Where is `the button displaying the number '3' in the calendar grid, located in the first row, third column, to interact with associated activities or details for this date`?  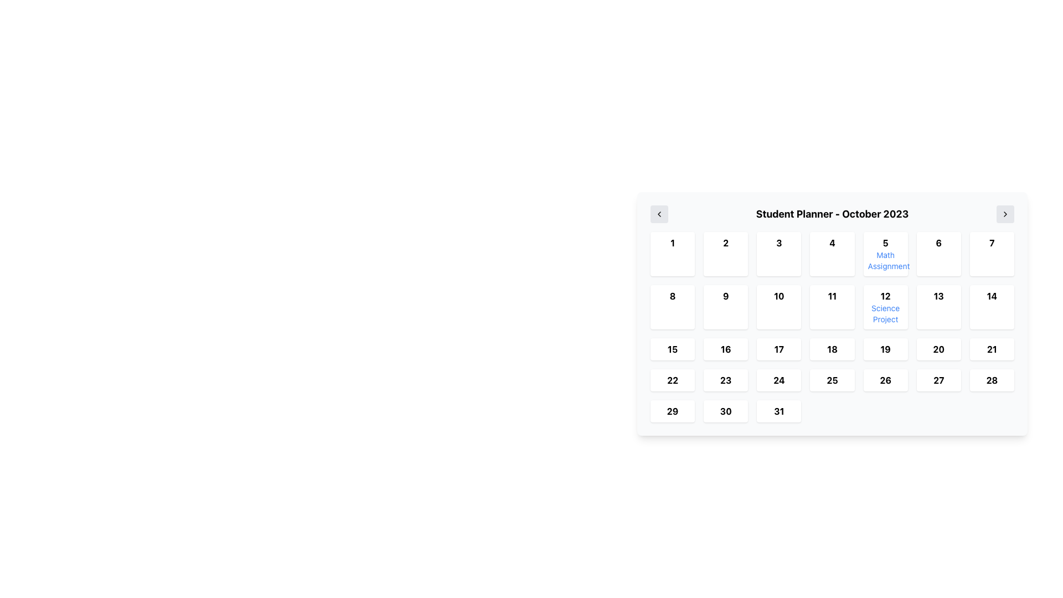 the button displaying the number '3' in the calendar grid, located in the first row, third column, to interact with associated activities or details for this date is located at coordinates (778, 243).